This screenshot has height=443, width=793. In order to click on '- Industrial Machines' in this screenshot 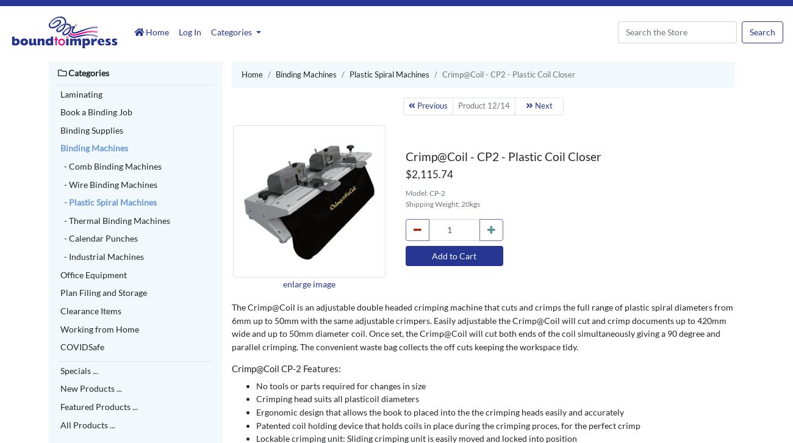, I will do `click(102, 256)`.